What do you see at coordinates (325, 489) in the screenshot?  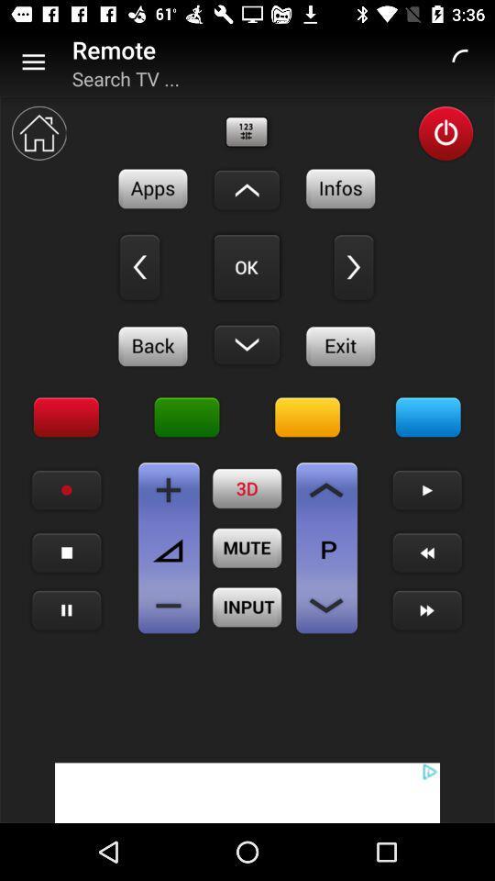 I see `previous page` at bounding box center [325, 489].